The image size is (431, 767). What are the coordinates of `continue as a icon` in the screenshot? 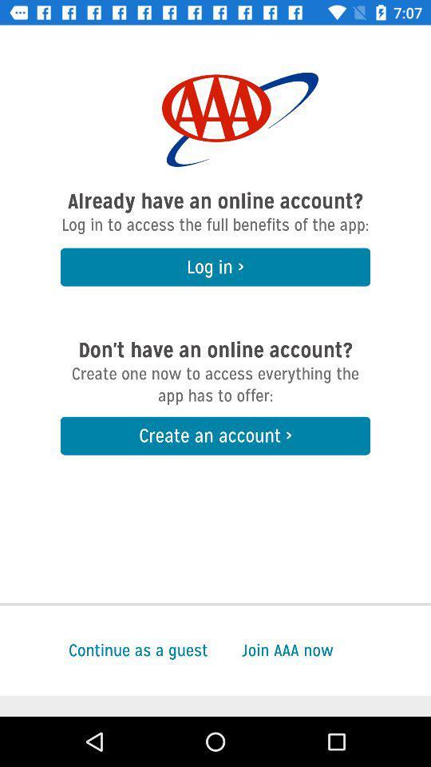 It's located at (104, 650).